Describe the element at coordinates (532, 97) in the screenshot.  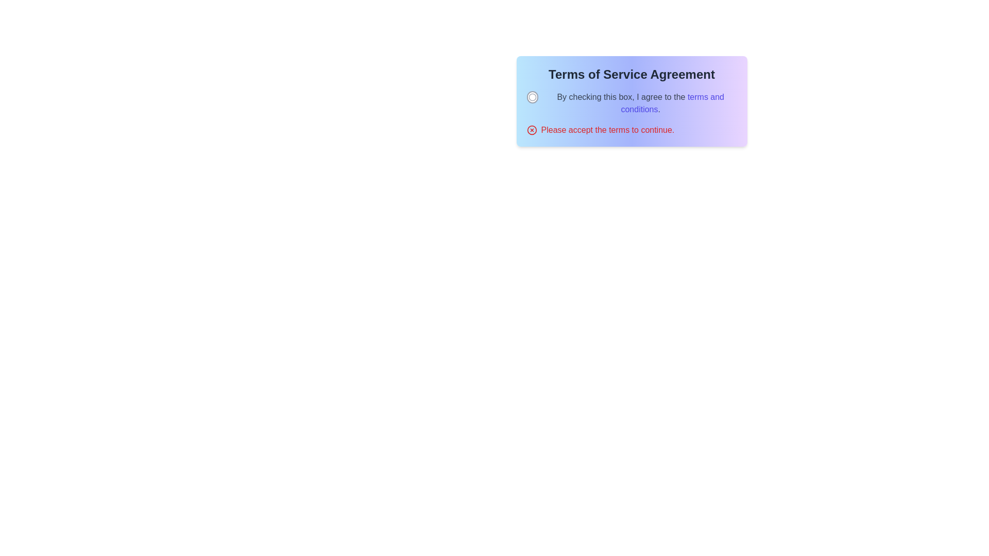
I see `the interactive checkbox located to the left of the text 'By checking this box, I agree to the terms and conditions.'` at that location.